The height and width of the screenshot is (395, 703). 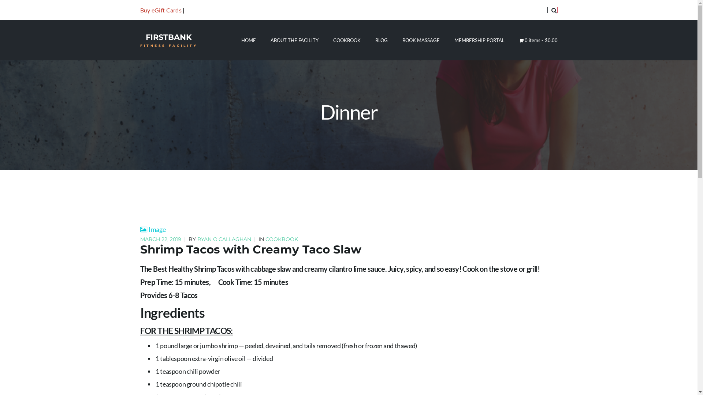 What do you see at coordinates (479, 40) in the screenshot?
I see `'MEMBERSHIP PORTAL'` at bounding box center [479, 40].